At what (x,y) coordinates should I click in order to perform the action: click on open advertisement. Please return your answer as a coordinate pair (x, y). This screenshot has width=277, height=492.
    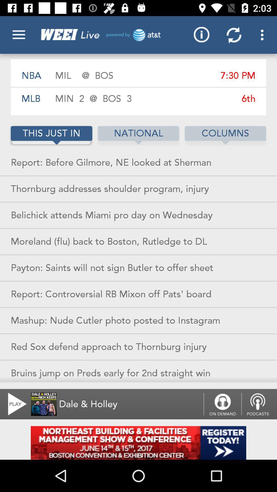
    Looking at the image, I should click on (138, 443).